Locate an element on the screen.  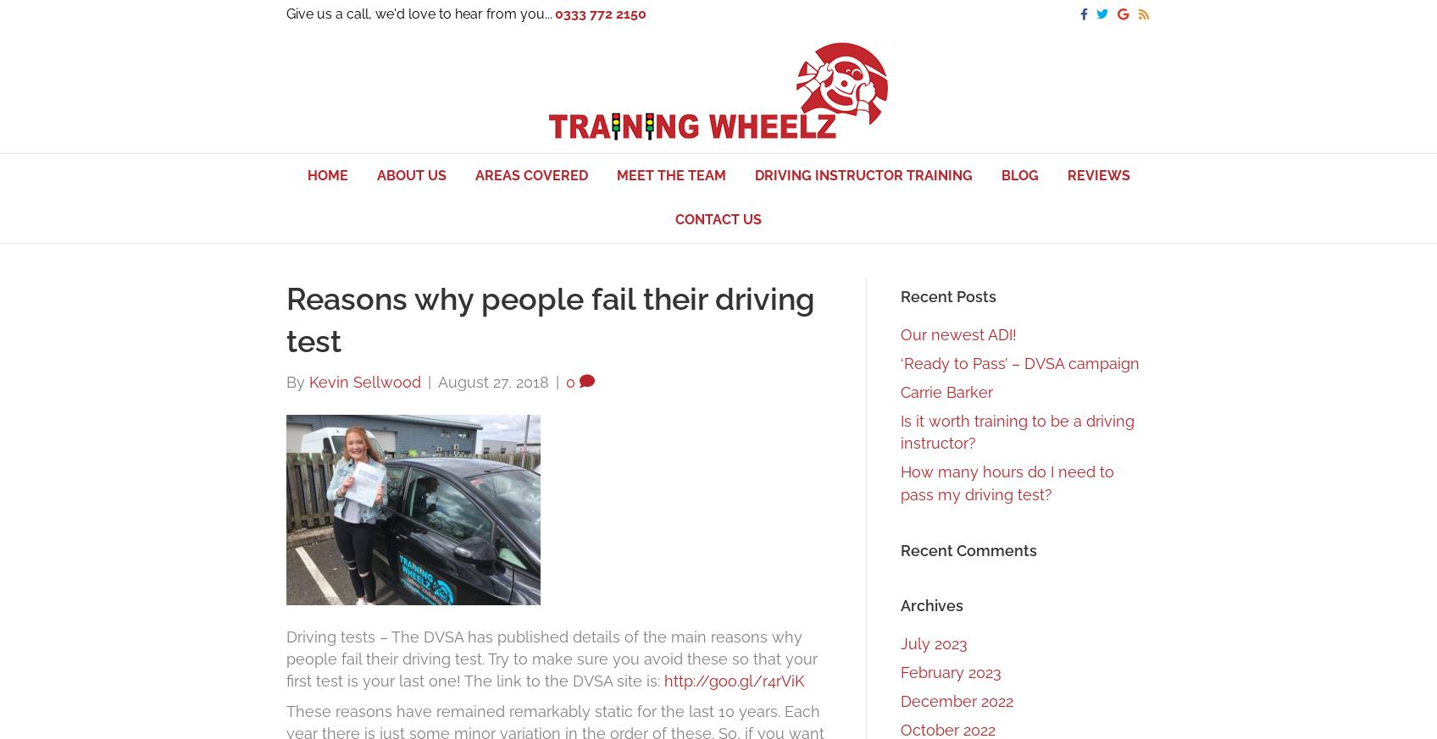
'August 27, 2018' is located at coordinates (493, 381).